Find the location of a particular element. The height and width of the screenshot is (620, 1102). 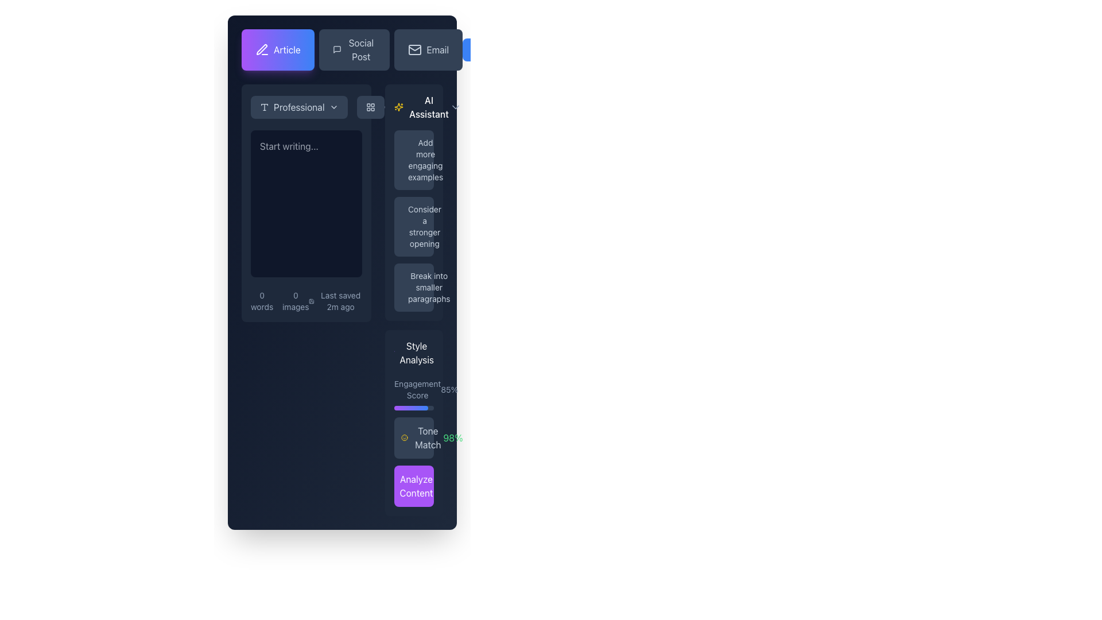

the progression value is located at coordinates (408, 407).